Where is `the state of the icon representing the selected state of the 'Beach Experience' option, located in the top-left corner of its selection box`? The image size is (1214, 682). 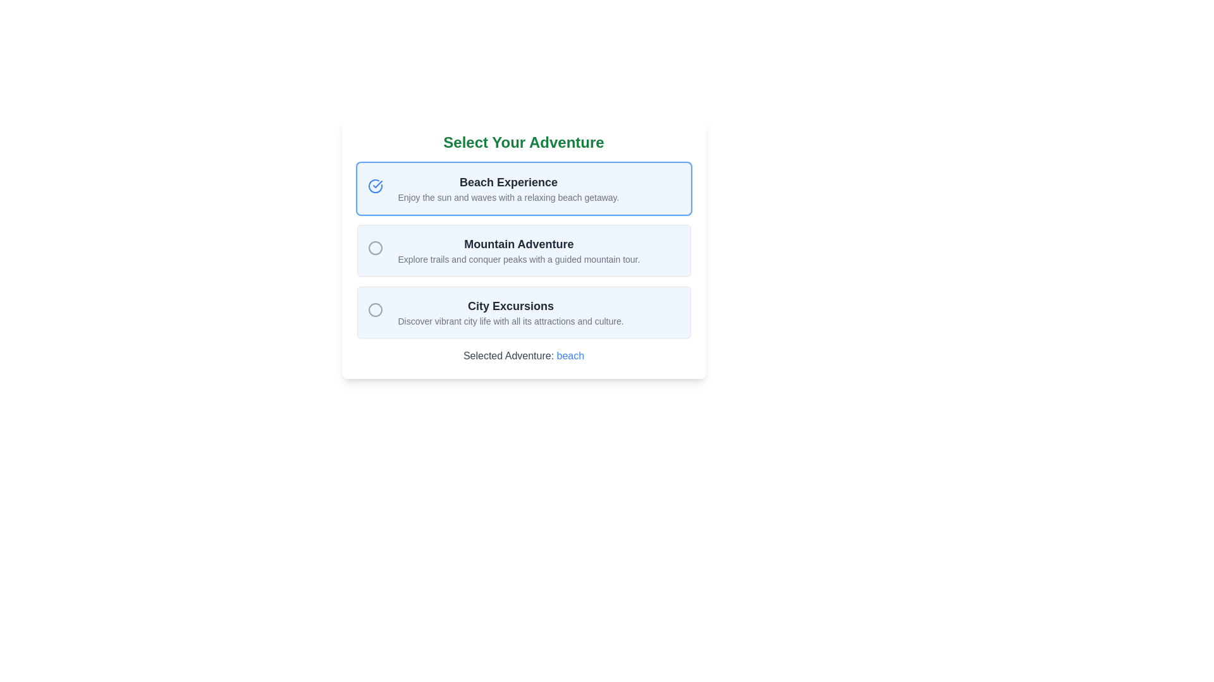
the state of the icon representing the selected state of the 'Beach Experience' option, located in the top-left corner of its selection box is located at coordinates (374, 186).